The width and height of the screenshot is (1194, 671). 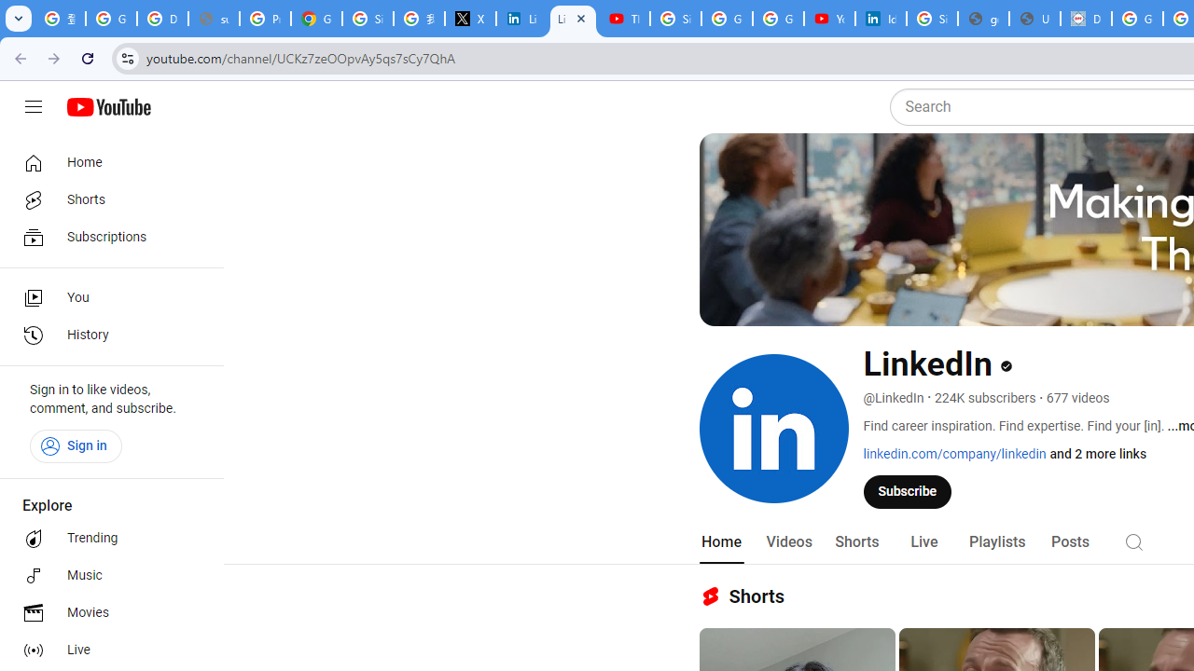 What do you see at coordinates (995, 541) in the screenshot?
I see `'Playlists'` at bounding box center [995, 541].